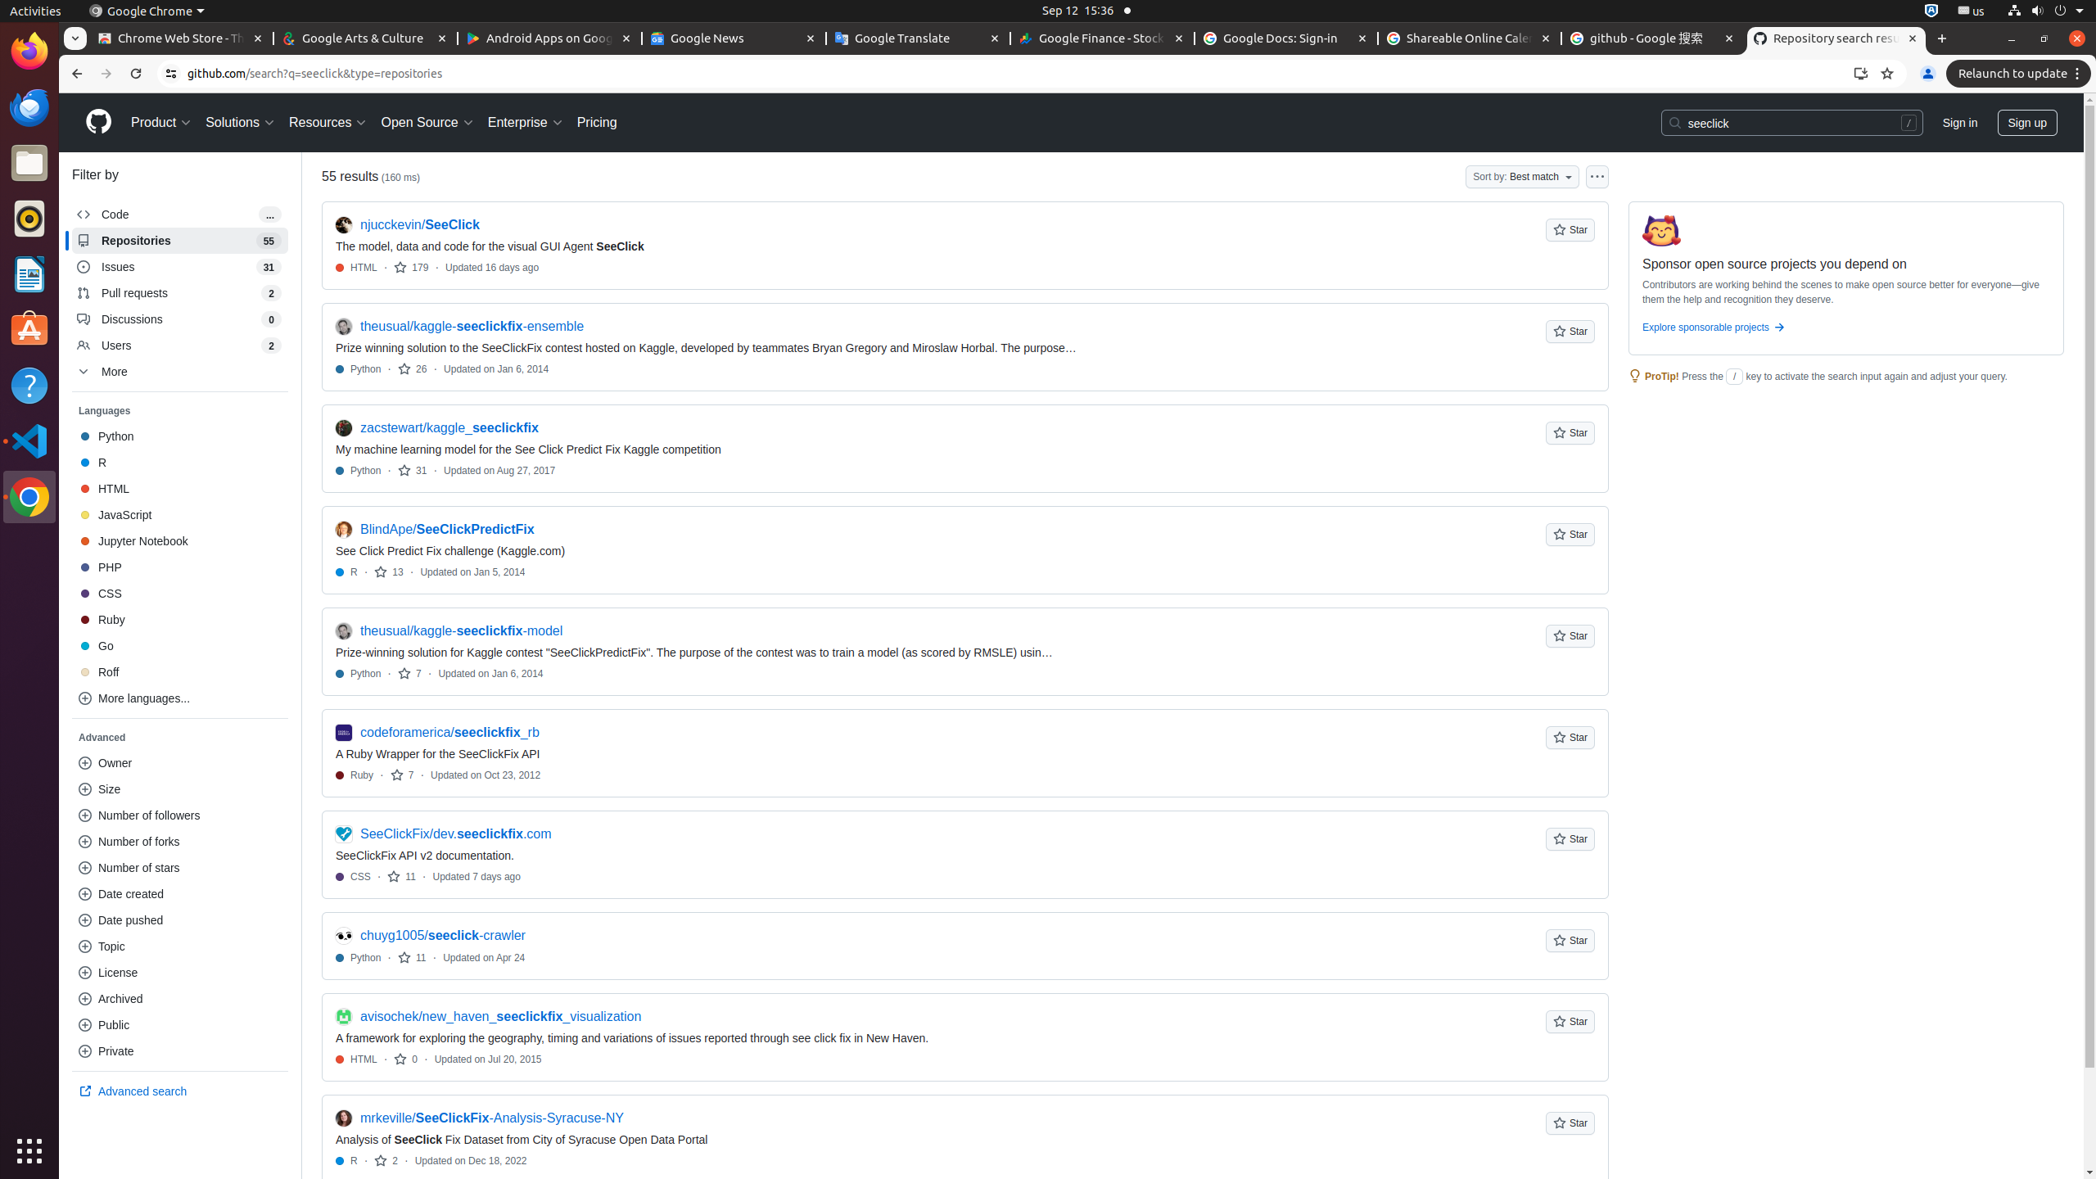  I want to click on 'Thunderbird Mail', so click(29, 106).